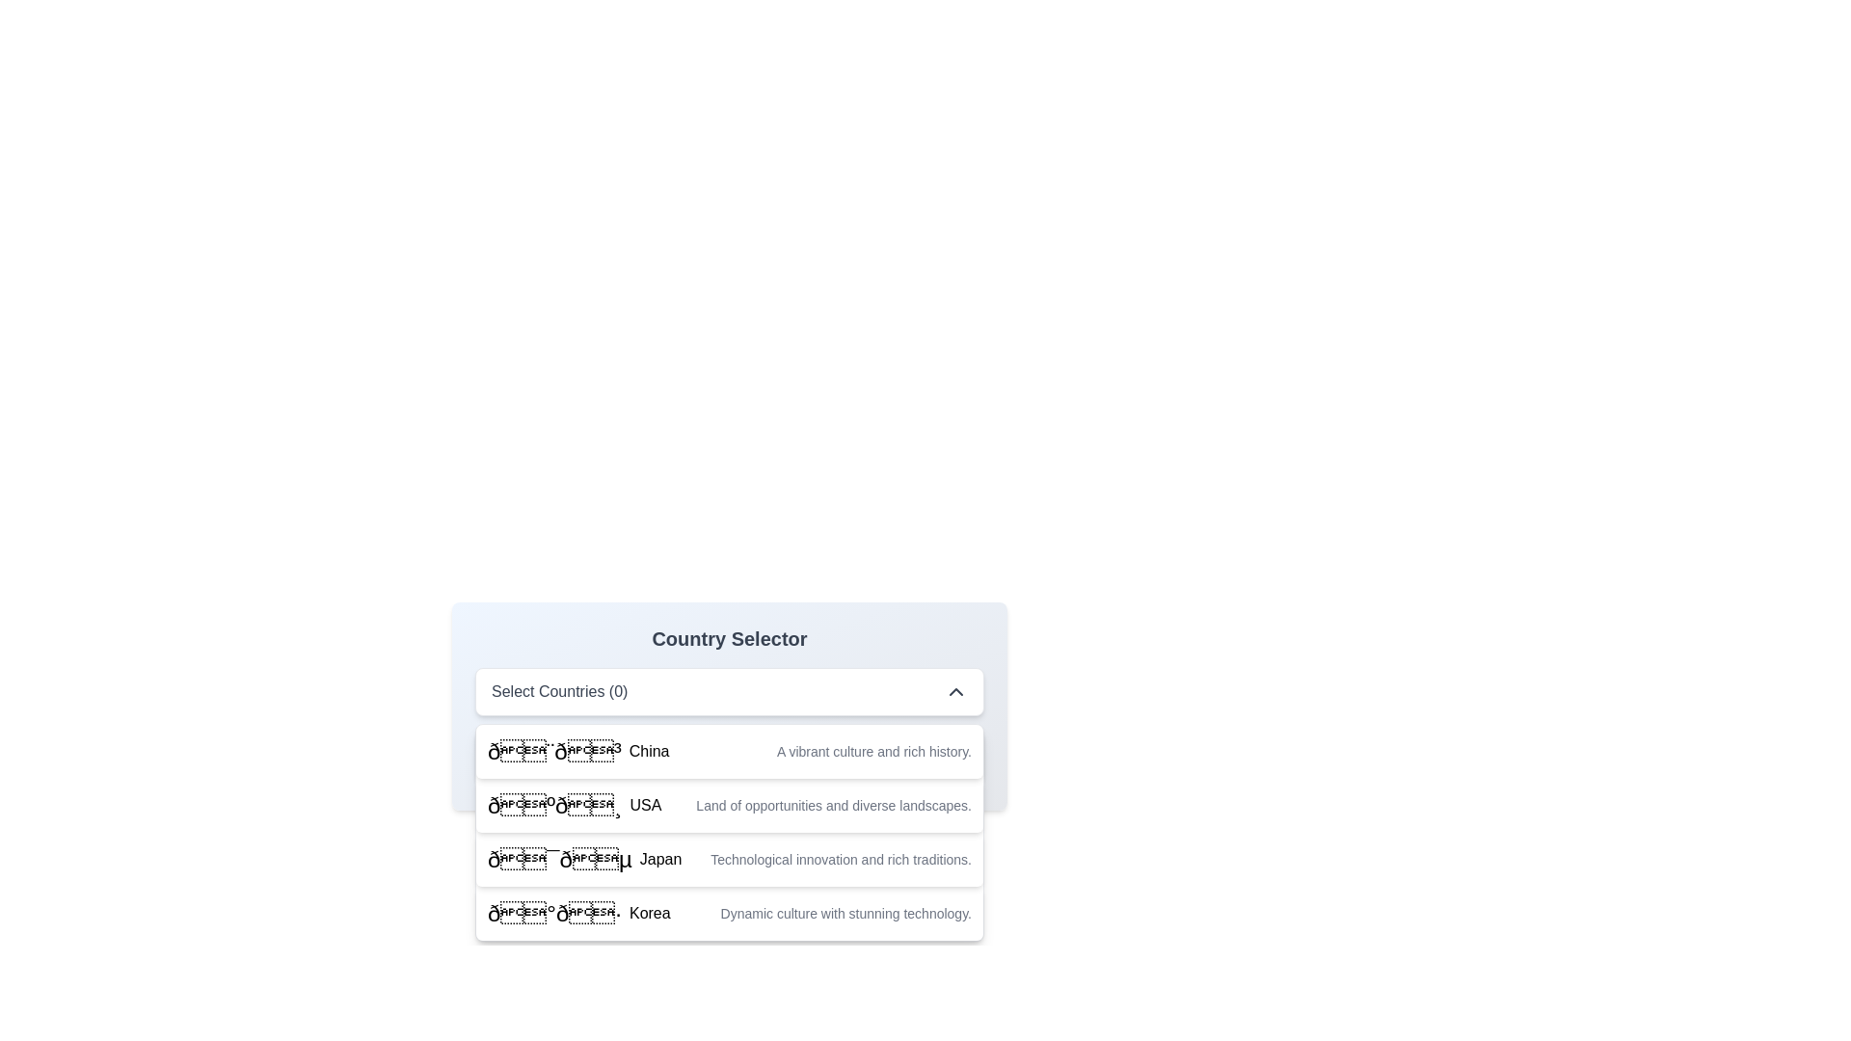 The height and width of the screenshot is (1041, 1851). I want to click on text label that displays the word 'Korea' in bold black font located in the bottom-most row of the dropdown list under 'Country Selector', so click(650, 913).